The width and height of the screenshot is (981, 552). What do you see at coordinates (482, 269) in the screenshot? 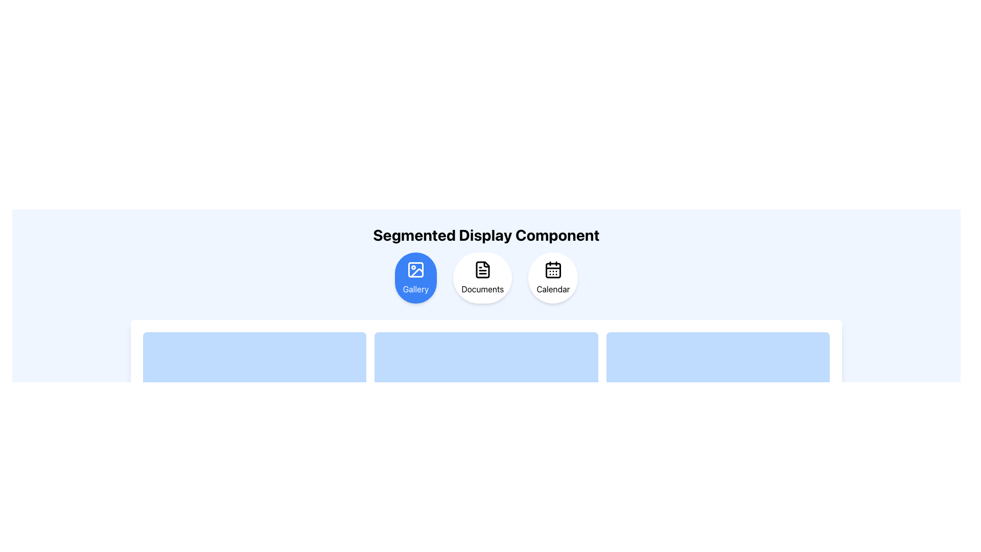
I see `the document icon within the white circular button labeled 'Documents', which is positioned between the 'Gallery' and 'Calendar' buttons` at bounding box center [482, 269].